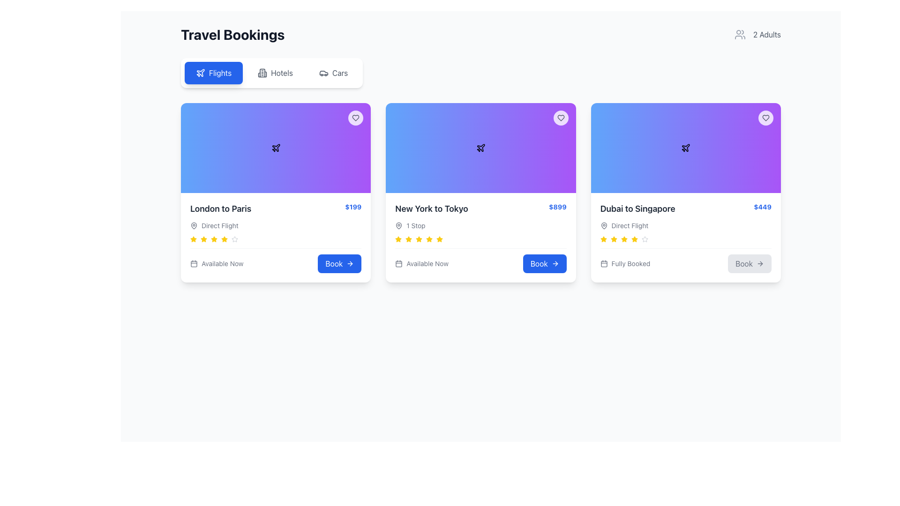  What do you see at coordinates (200, 72) in the screenshot?
I see `the 'Flights' icon, which is a visual representation of the air travel category, located to the left of the 'Flights' text label in the top section of the interface` at bounding box center [200, 72].